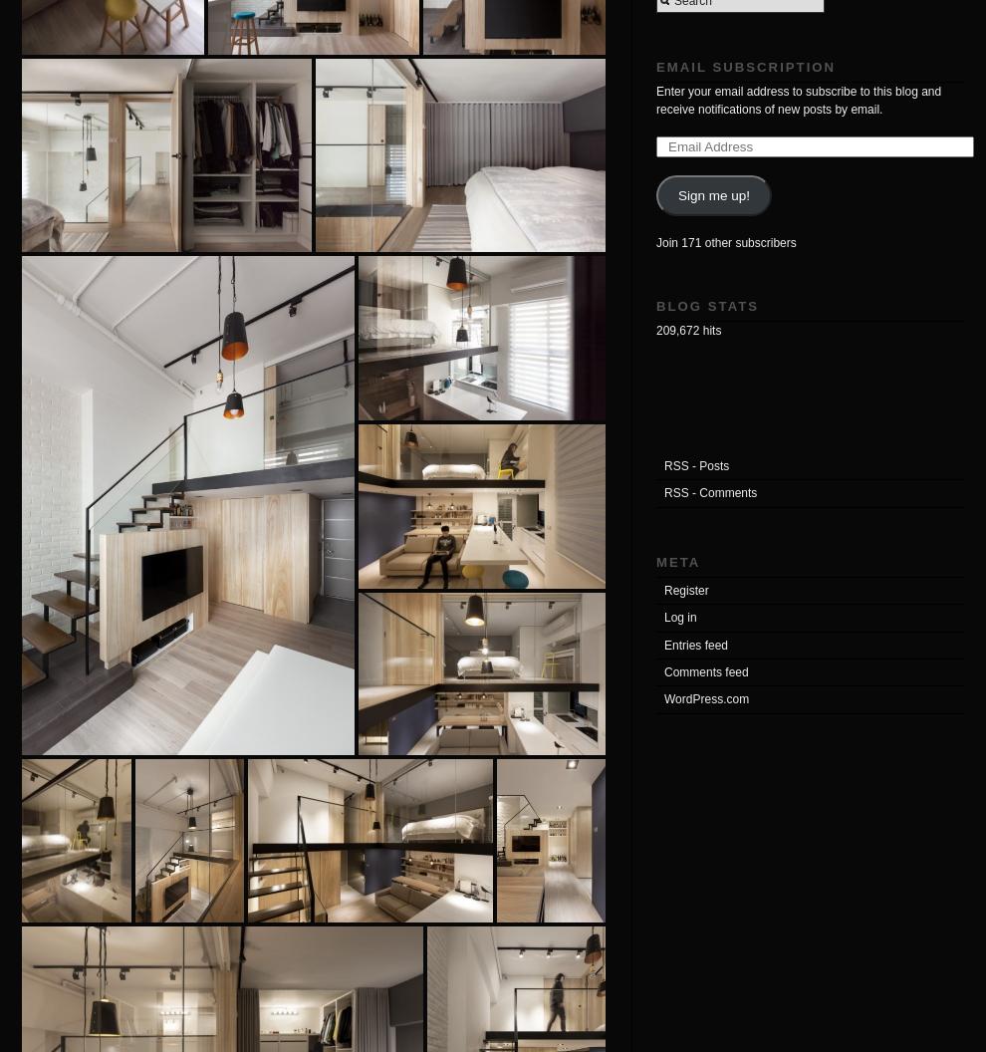 This screenshot has width=986, height=1052. I want to click on 'Entries feed', so click(695, 644).